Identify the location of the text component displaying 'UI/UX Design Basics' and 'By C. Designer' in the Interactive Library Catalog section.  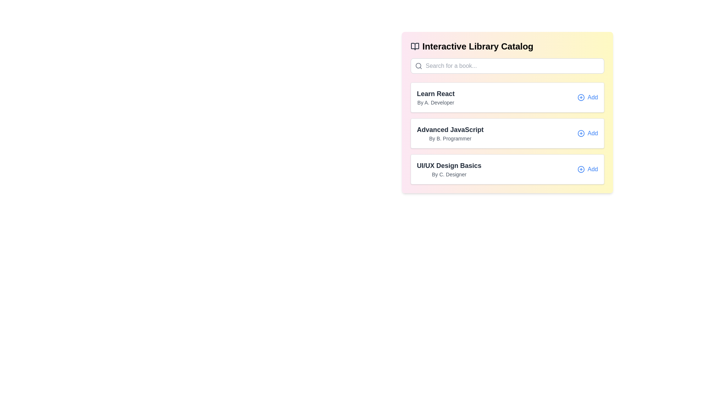
(448, 169).